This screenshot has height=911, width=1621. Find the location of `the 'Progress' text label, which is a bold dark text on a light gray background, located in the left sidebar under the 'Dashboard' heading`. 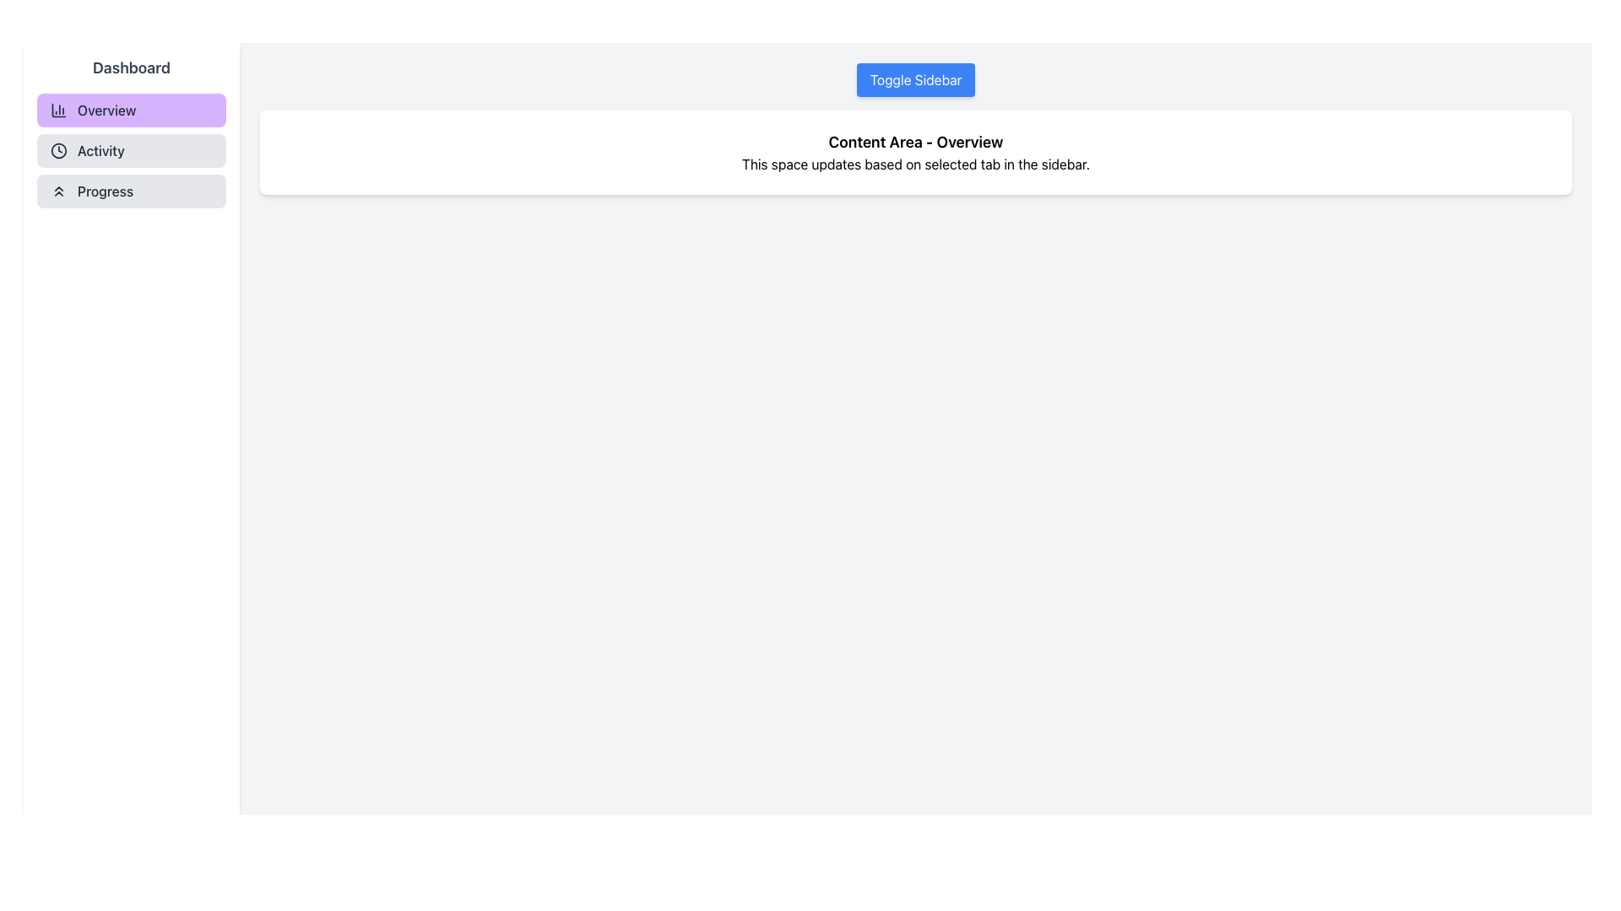

the 'Progress' text label, which is a bold dark text on a light gray background, located in the left sidebar under the 'Dashboard' heading is located at coordinates (104, 191).